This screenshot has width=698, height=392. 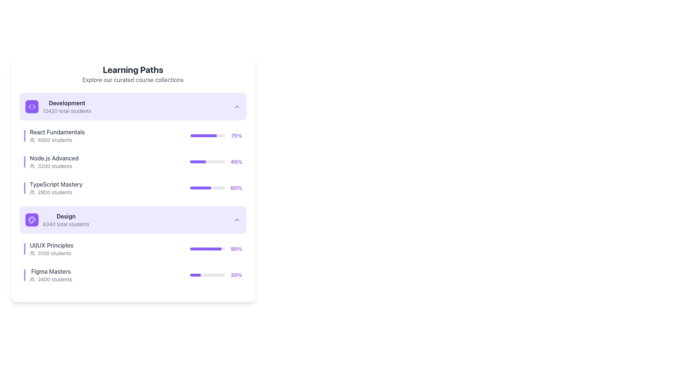 I want to click on the hyperlink text for the 'UI/UX Principles' course located in the 'Design' section of the 'Learning Paths' panel, so click(x=51, y=245).